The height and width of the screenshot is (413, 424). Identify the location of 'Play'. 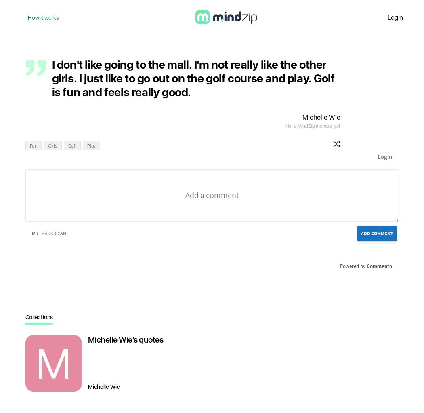
(91, 145).